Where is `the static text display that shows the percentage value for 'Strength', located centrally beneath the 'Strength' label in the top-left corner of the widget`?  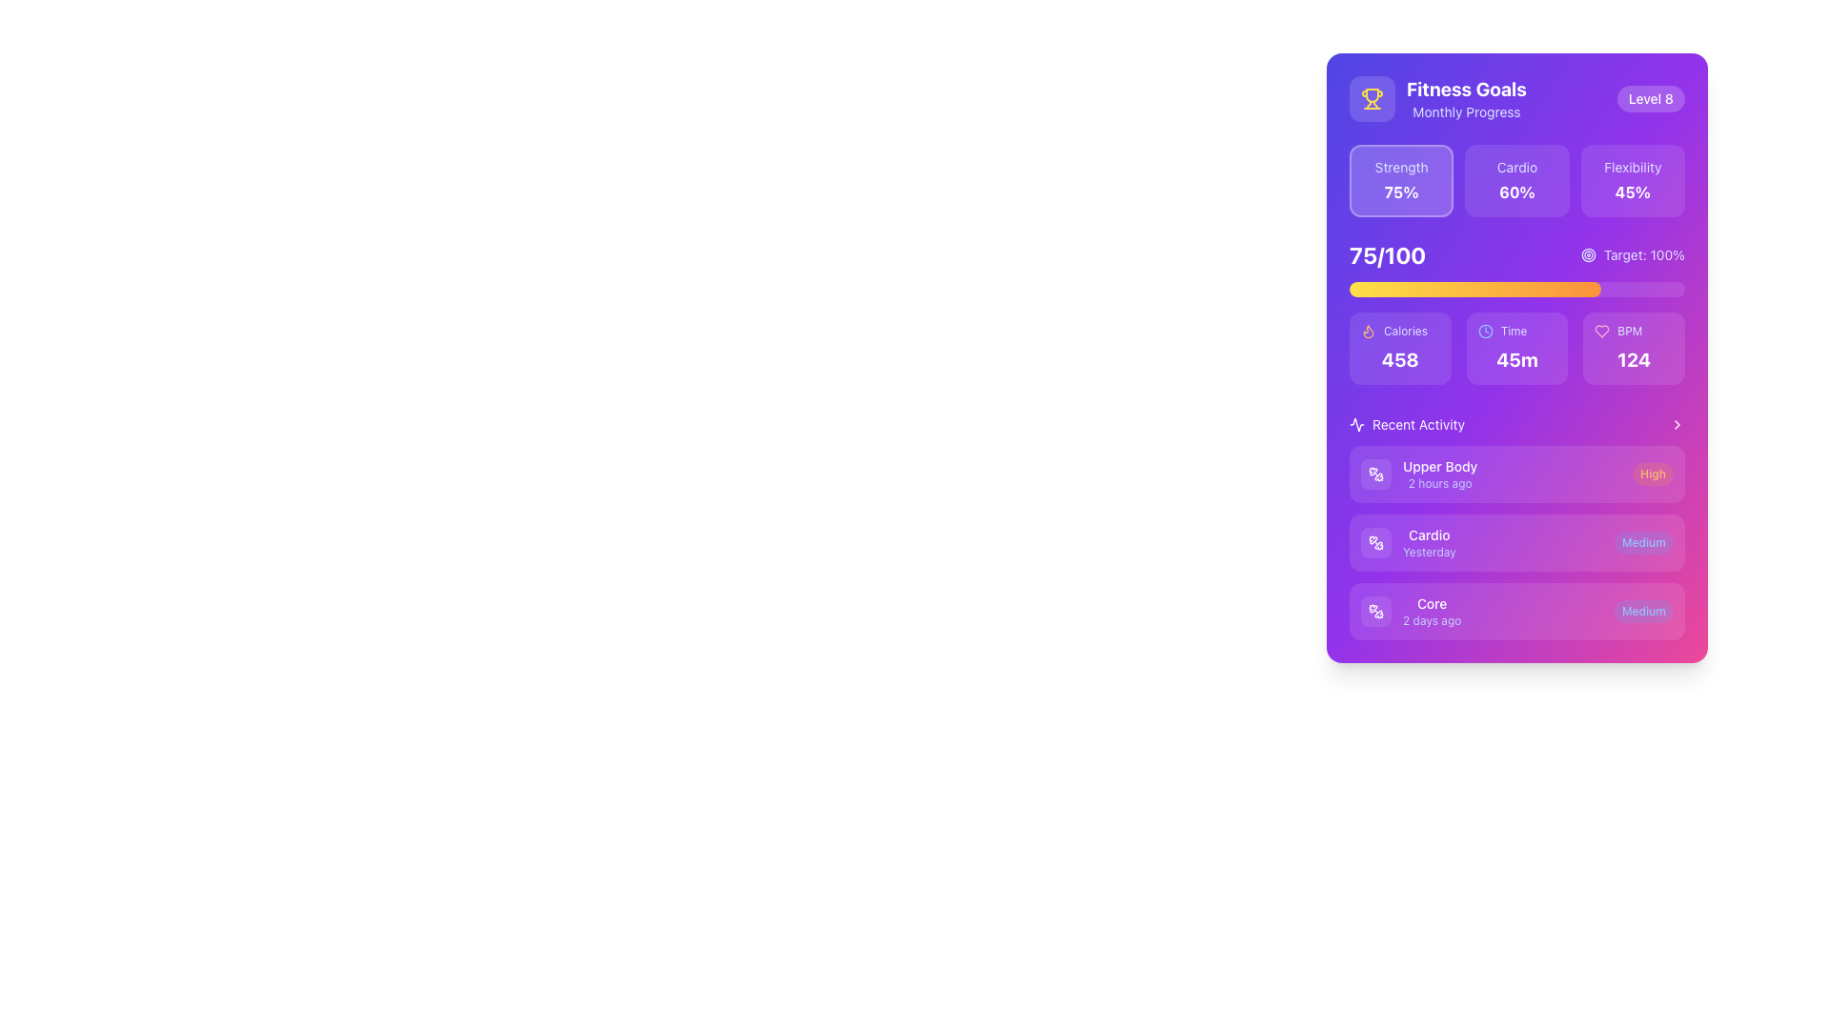 the static text display that shows the percentage value for 'Strength', located centrally beneath the 'Strength' label in the top-left corner of the widget is located at coordinates (1401, 192).